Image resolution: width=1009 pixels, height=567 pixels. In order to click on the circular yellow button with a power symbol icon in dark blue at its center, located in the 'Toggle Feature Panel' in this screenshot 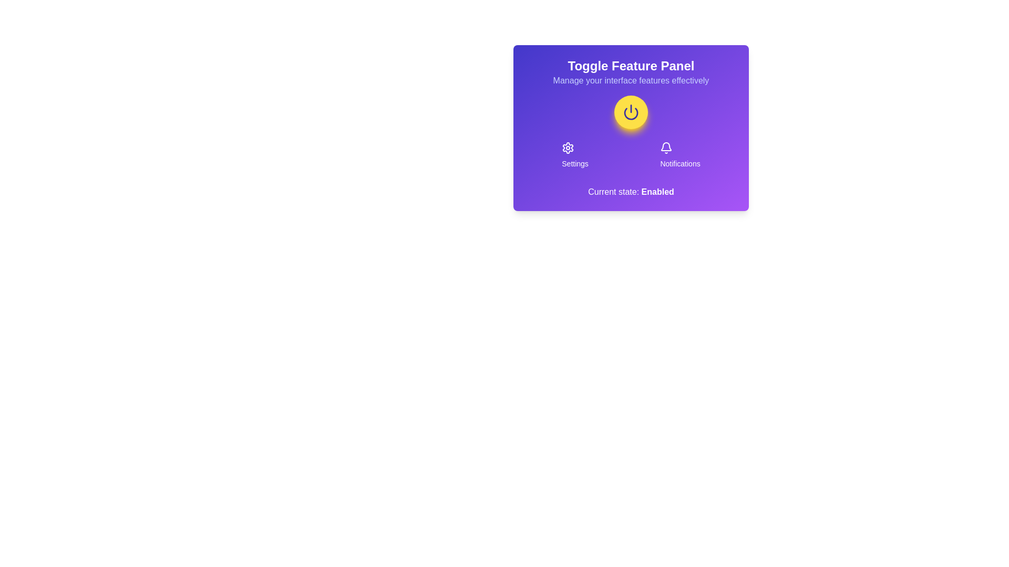, I will do `click(631, 112)`.